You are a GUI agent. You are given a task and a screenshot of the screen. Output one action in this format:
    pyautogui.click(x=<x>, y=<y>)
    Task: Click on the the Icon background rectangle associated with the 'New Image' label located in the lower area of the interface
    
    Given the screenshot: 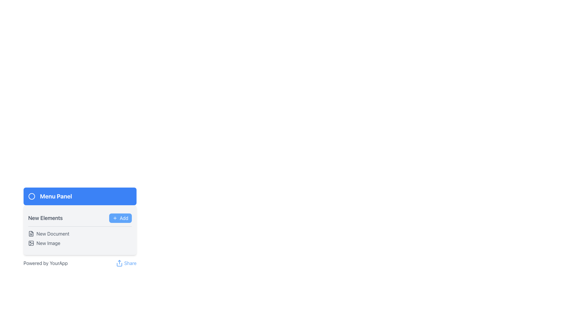 What is the action you would take?
    pyautogui.click(x=31, y=243)
    